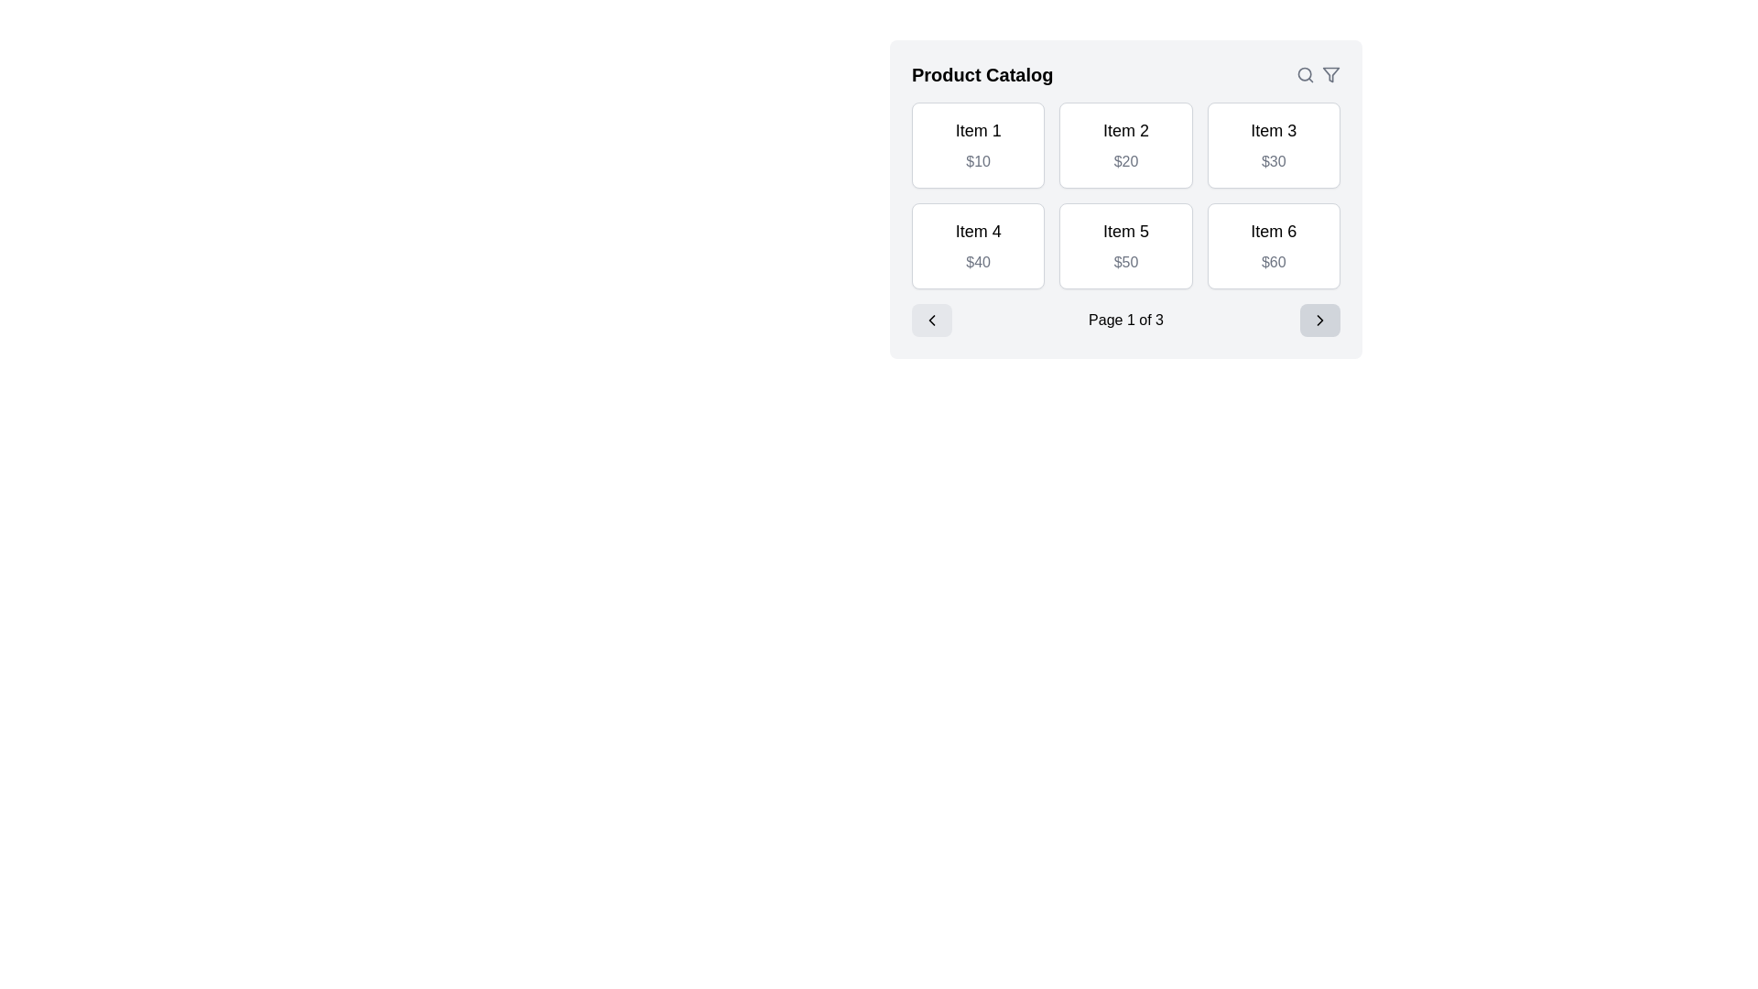 This screenshot has width=1758, height=989. I want to click on the static price label displaying '$60' for 'Item 6' located in the bottom-right grid cell of the interface, so click(1273, 262).